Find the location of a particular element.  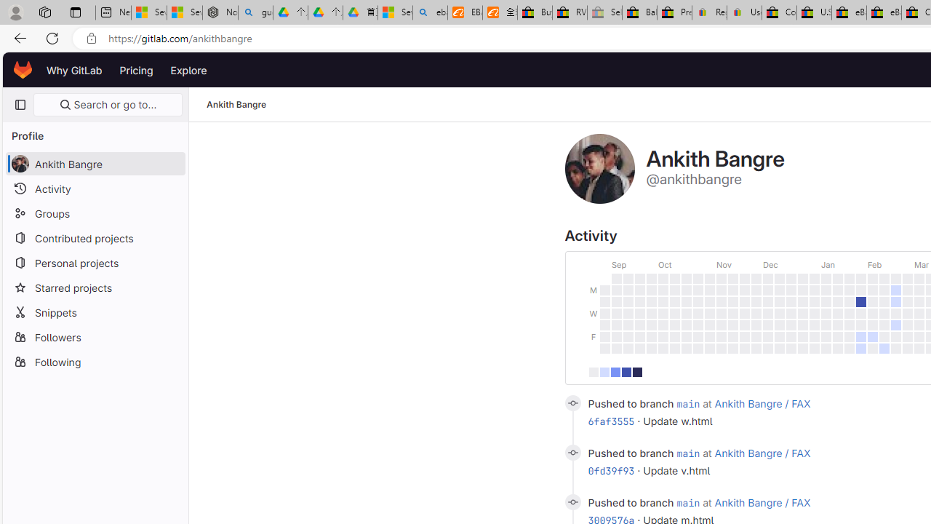

'eBay Inc. Reports Third Quarter 2023 Results' is located at coordinates (883, 12).